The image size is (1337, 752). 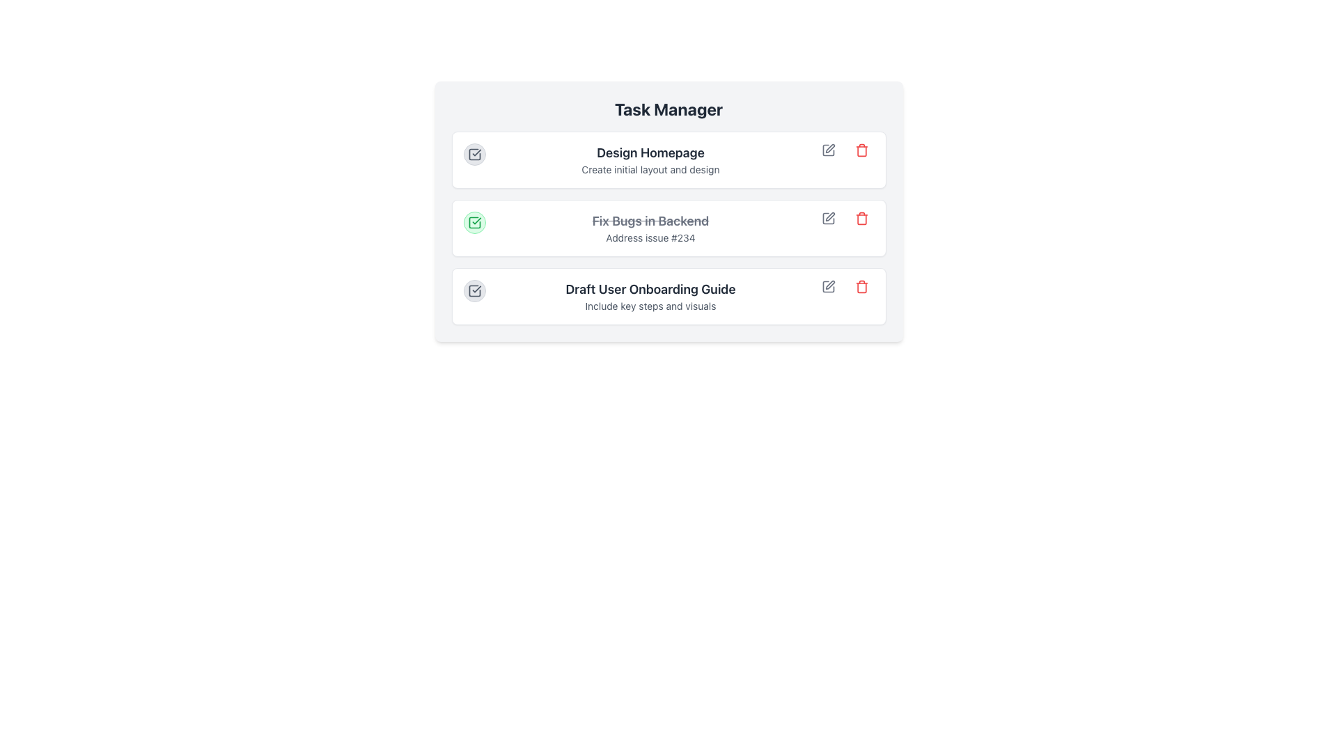 What do you see at coordinates (861, 218) in the screenshot?
I see `the delete button icon for the task 'Fix Bugs in Backend', located in the second row of the task list, which is the rightmost icon next to the task editing icon` at bounding box center [861, 218].